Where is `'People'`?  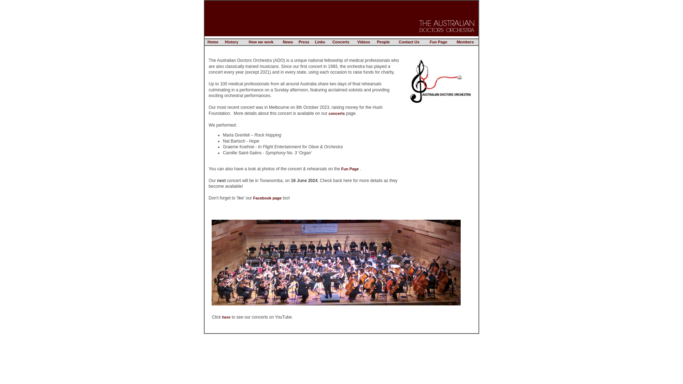 'People' is located at coordinates (377, 42).